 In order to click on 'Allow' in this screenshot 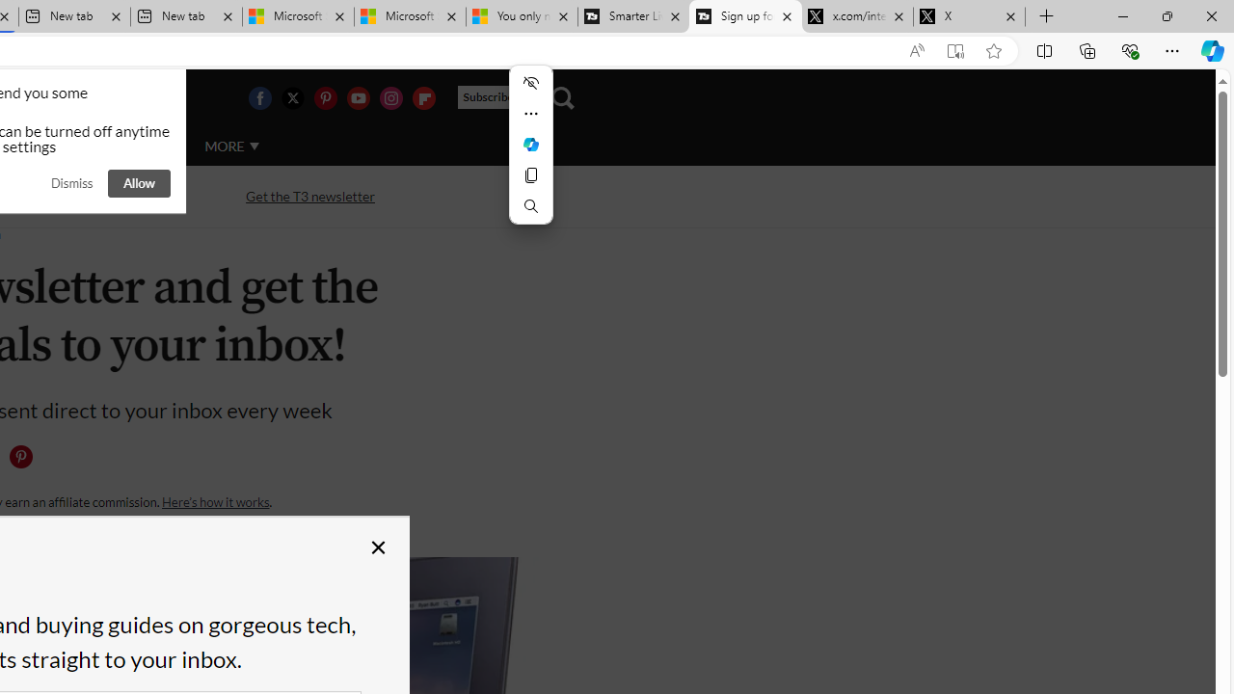, I will do `click(138, 183)`.